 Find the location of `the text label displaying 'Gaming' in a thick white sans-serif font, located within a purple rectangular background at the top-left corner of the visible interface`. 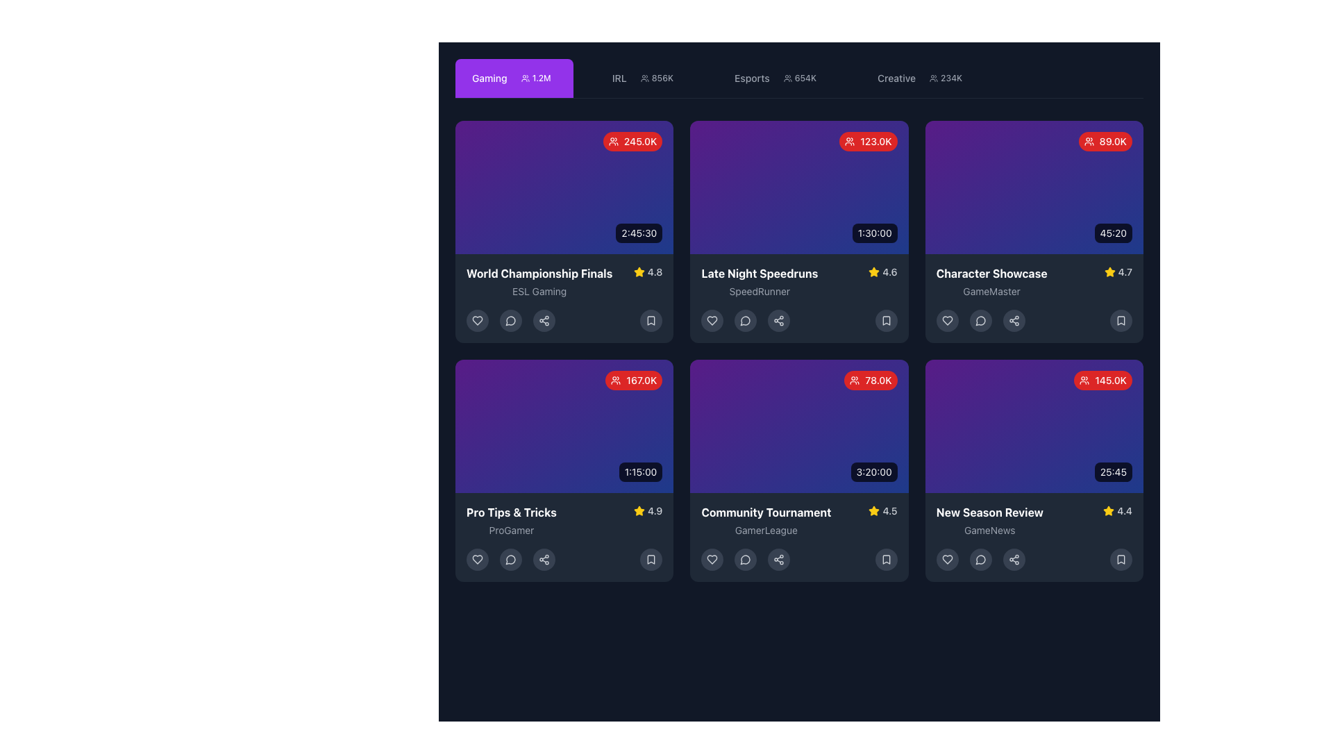

the text label displaying 'Gaming' in a thick white sans-serif font, located within a purple rectangular background at the top-left corner of the visible interface is located at coordinates (489, 78).